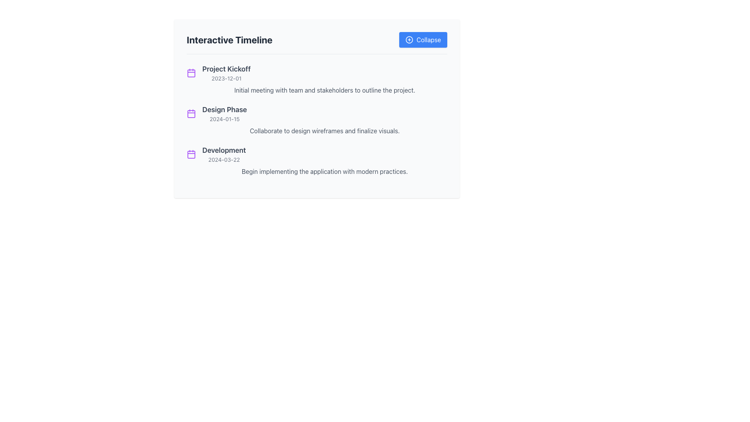 This screenshot has width=750, height=422. What do you see at coordinates (317, 131) in the screenshot?
I see `text 'Collaborate to design wireframes and finalize visuals.' located beneath the 'Design Phase' header in the timeline interface` at bounding box center [317, 131].